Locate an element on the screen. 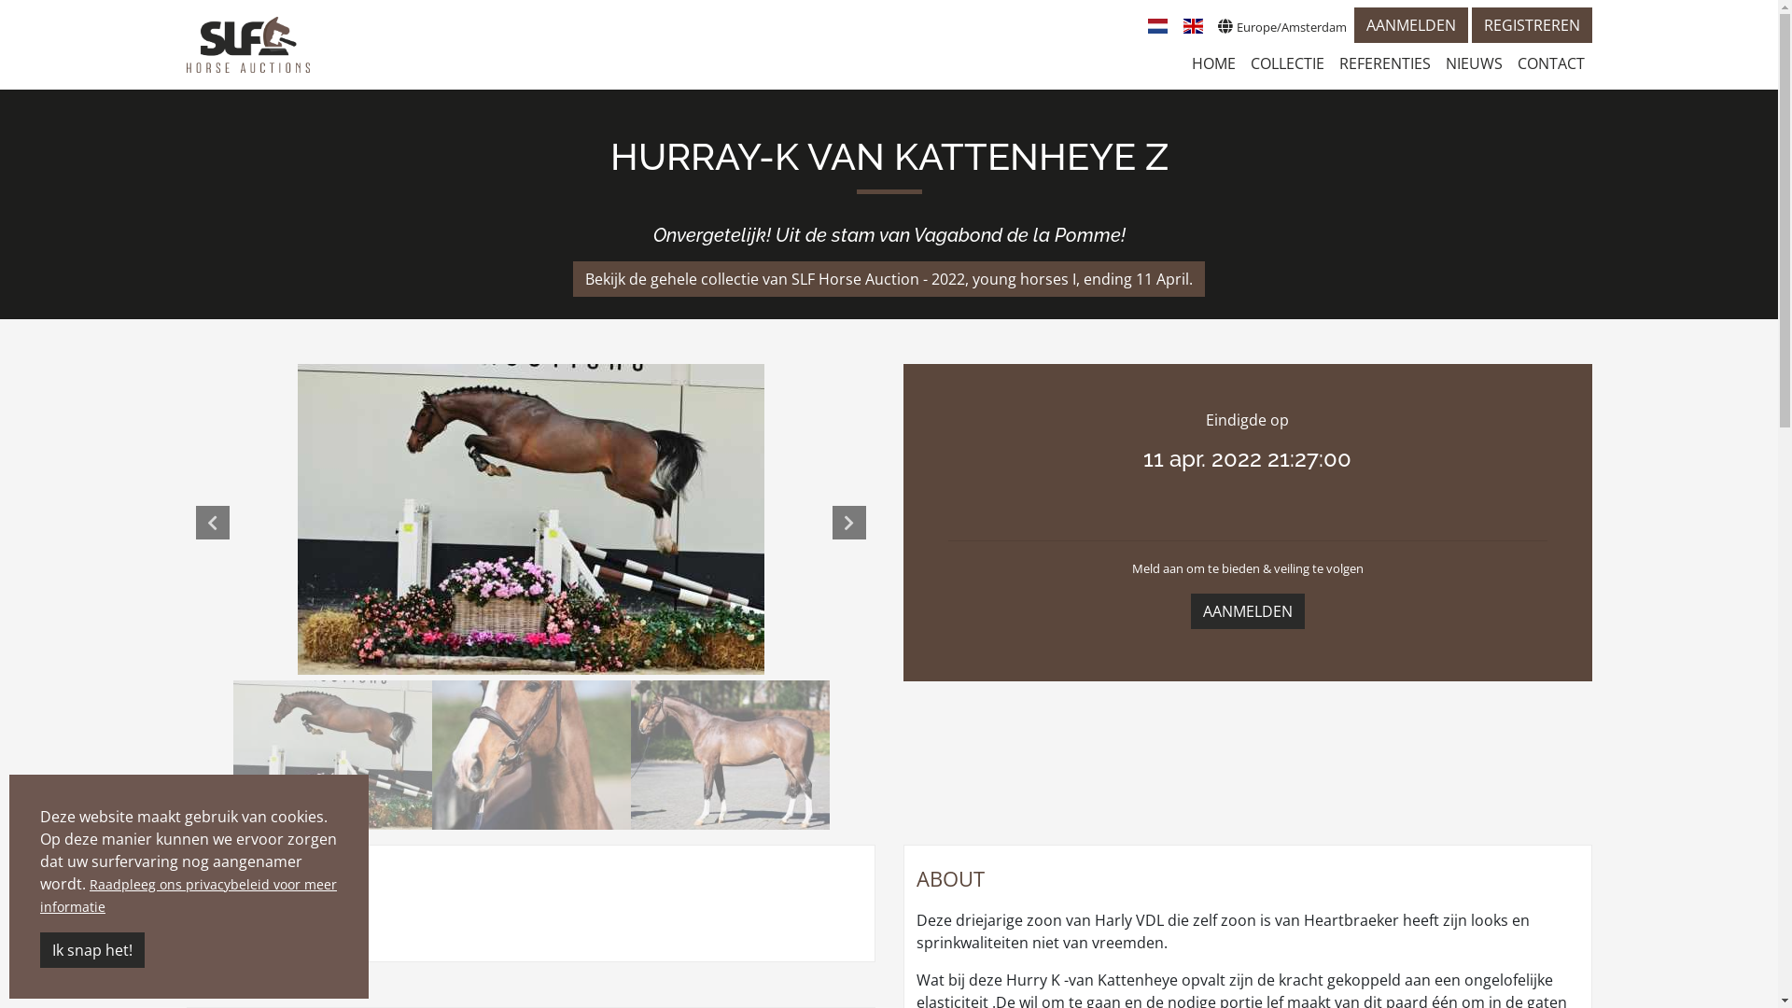  'REGISTREREN' is located at coordinates (1531, 25).